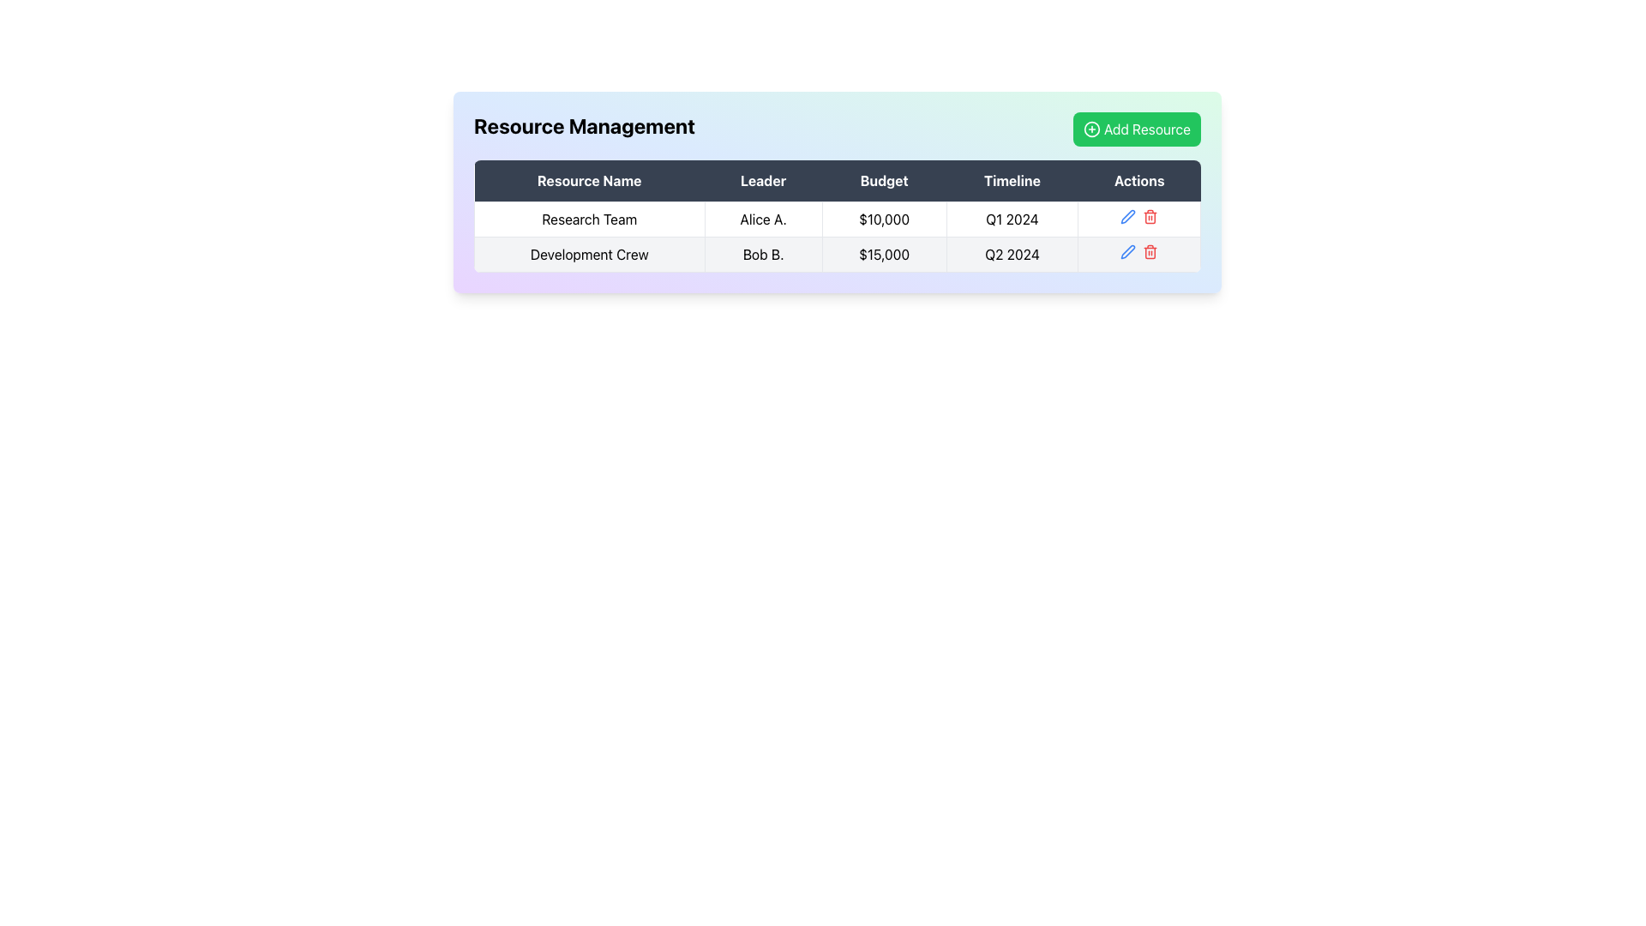  Describe the element at coordinates (1012, 181) in the screenshot. I see `the 'Timeline' column header in the table` at that location.